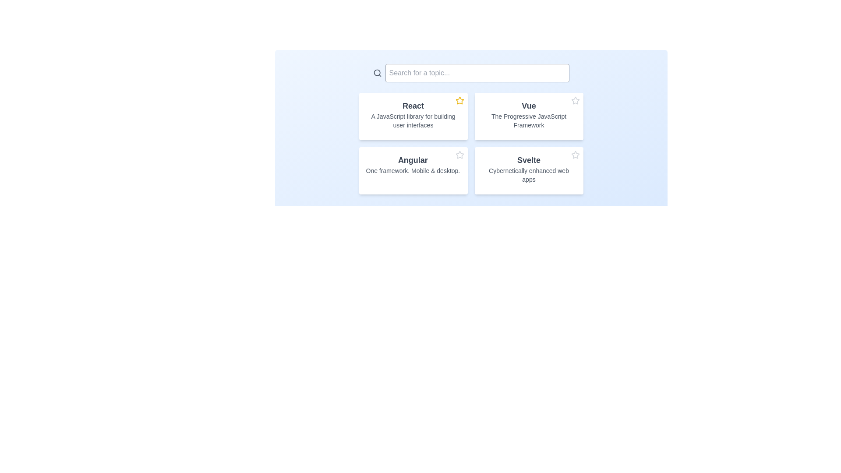  I want to click on bold text label displaying 'React', which is prominently positioned in the top-left card of a grid layout, so click(413, 106).